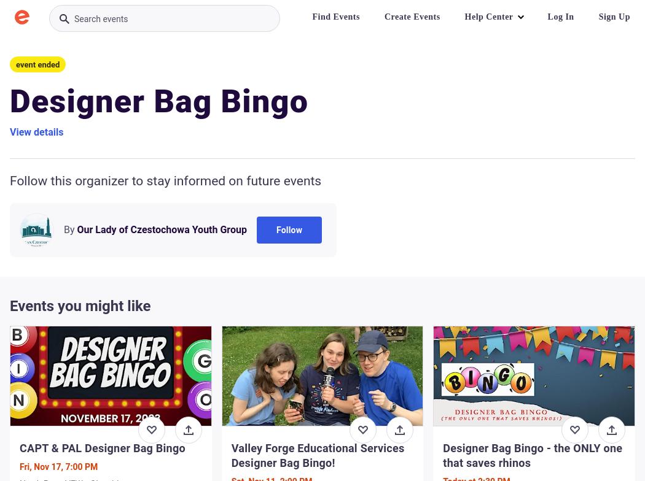  What do you see at coordinates (161, 229) in the screenshot?
I see `'Our Lady of Czestochowa Youth Group'` at bounding box center [161, 229].